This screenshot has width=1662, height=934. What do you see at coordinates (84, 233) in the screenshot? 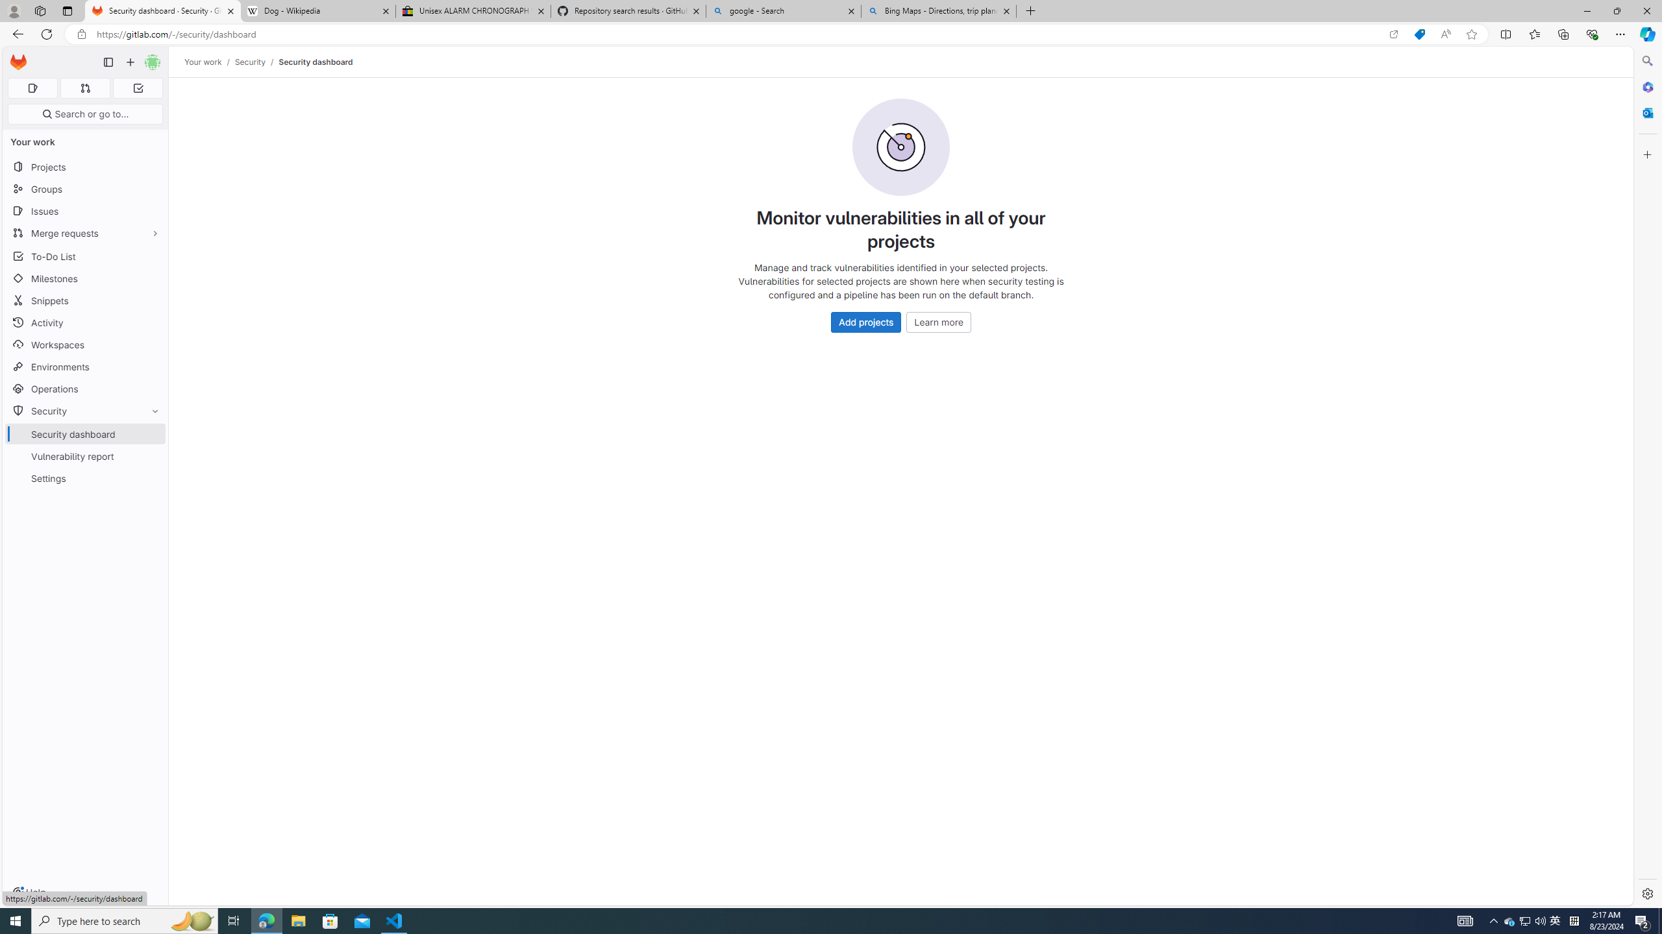
I see `'Merge requests'` at bounding box center [84, 233].